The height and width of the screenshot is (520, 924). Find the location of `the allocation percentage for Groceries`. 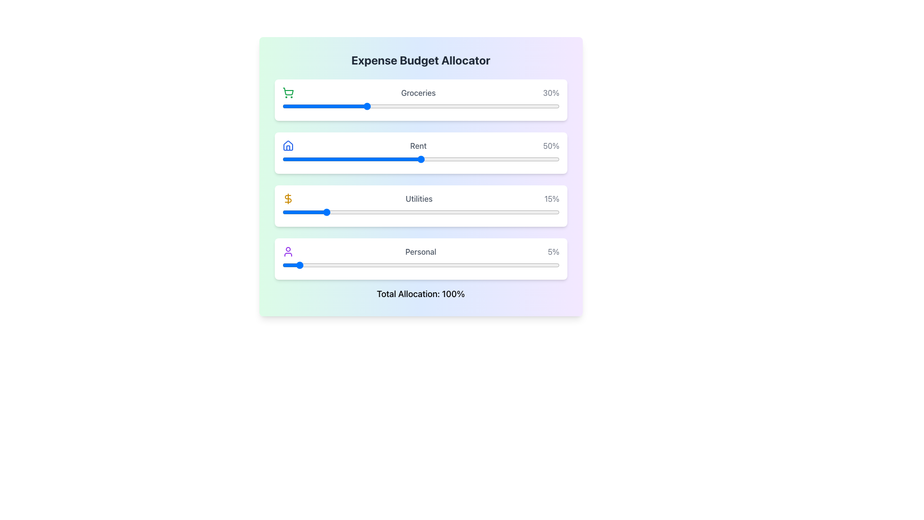

the allocation percentage for Groceries is located at coordinates (329, 106).